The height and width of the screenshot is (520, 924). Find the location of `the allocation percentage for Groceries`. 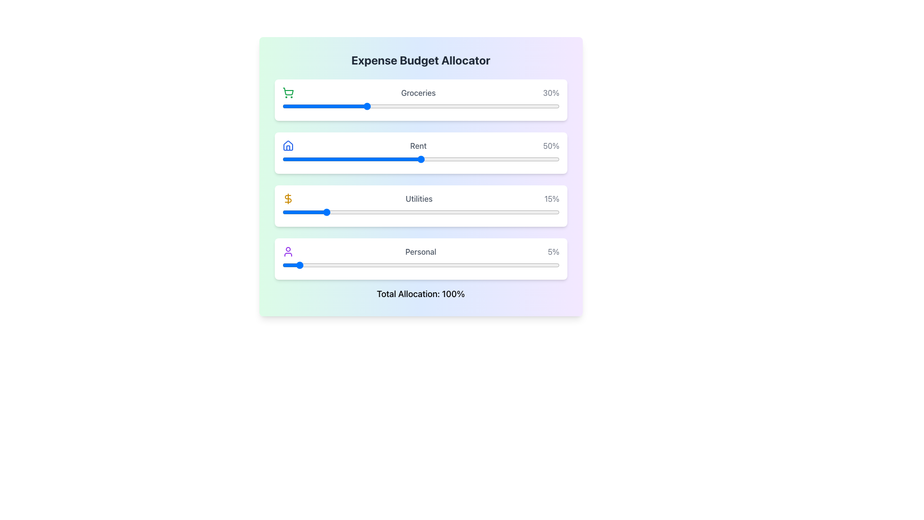

the allocation percentage for Groceries is located at coordinates (329, 106).